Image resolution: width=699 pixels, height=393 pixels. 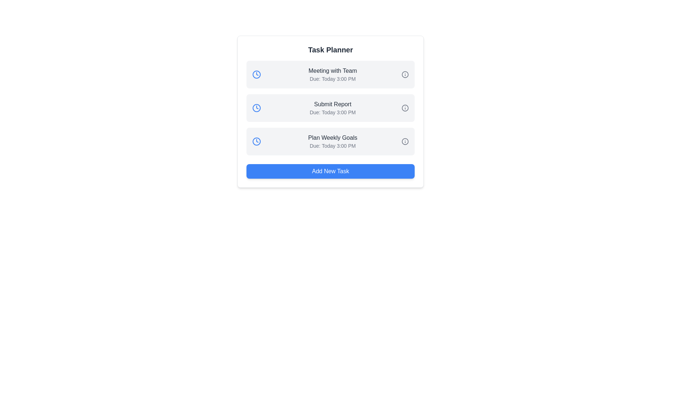 What do you see at coordinates (257, 142) in the screenshot?
I see `the decorative Icon Background Circle of the clock icon located to the left of the 'Plan Weekly Goals' text in the third row of task entries in the 'Task Planner' interface` at bounding box center [257, 142].